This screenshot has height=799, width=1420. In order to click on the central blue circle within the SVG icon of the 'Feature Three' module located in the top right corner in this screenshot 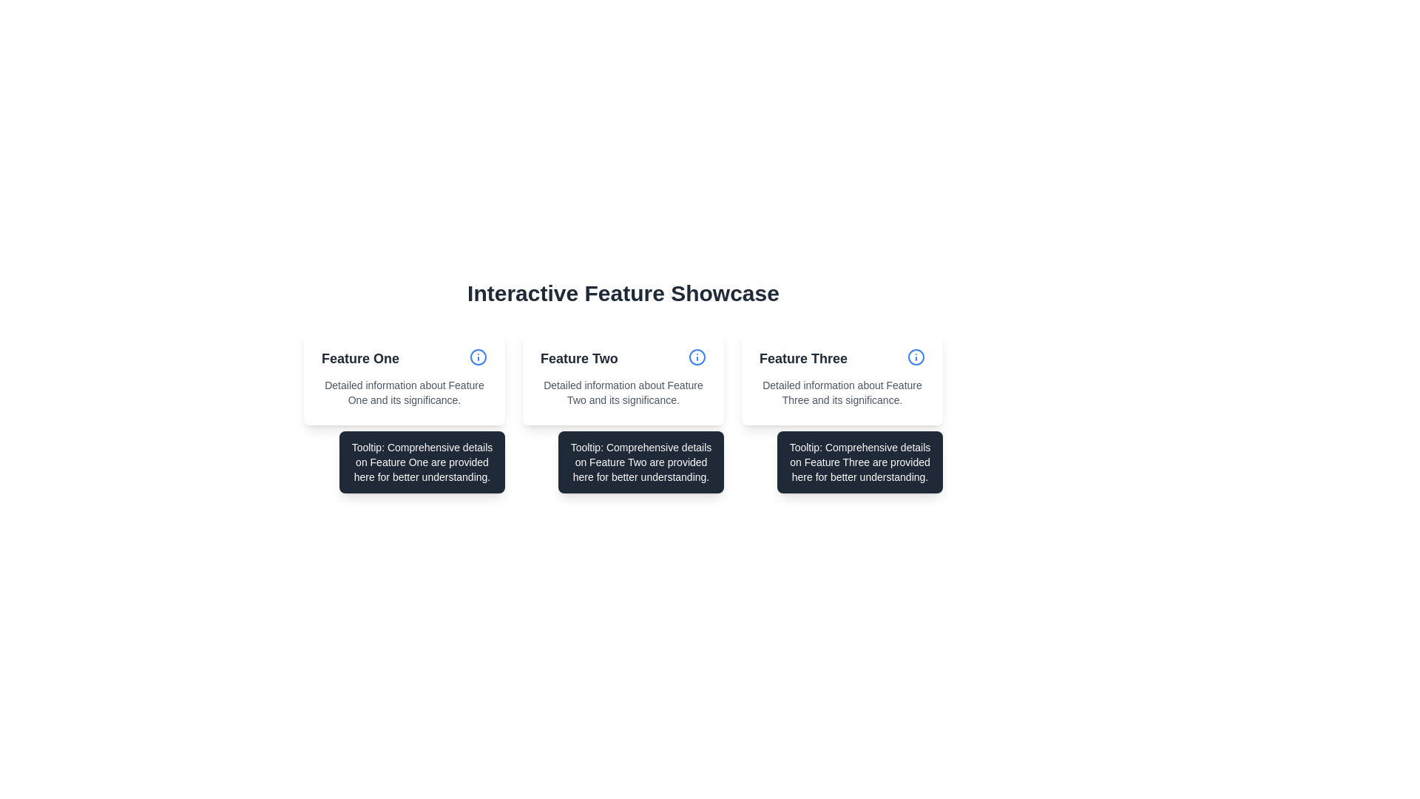, I will do `click(915, 357)`.